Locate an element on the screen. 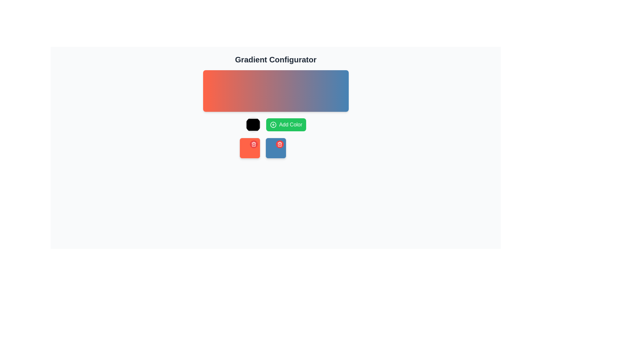 This screenshot has height=351, width=624. the interactive button located centrally below the black circular color selector is located at coordinates (286, 125).